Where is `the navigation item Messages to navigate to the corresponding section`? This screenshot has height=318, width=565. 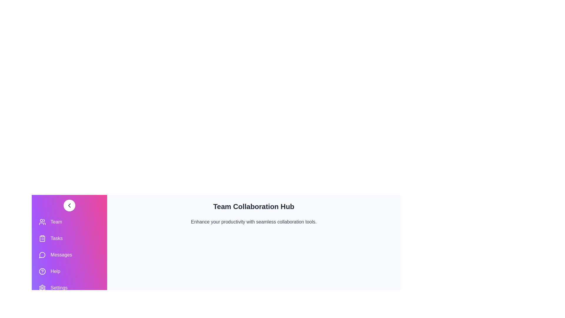
the navigation item Messages to navigate to the corresponding section is located at coordinates (69, 255).